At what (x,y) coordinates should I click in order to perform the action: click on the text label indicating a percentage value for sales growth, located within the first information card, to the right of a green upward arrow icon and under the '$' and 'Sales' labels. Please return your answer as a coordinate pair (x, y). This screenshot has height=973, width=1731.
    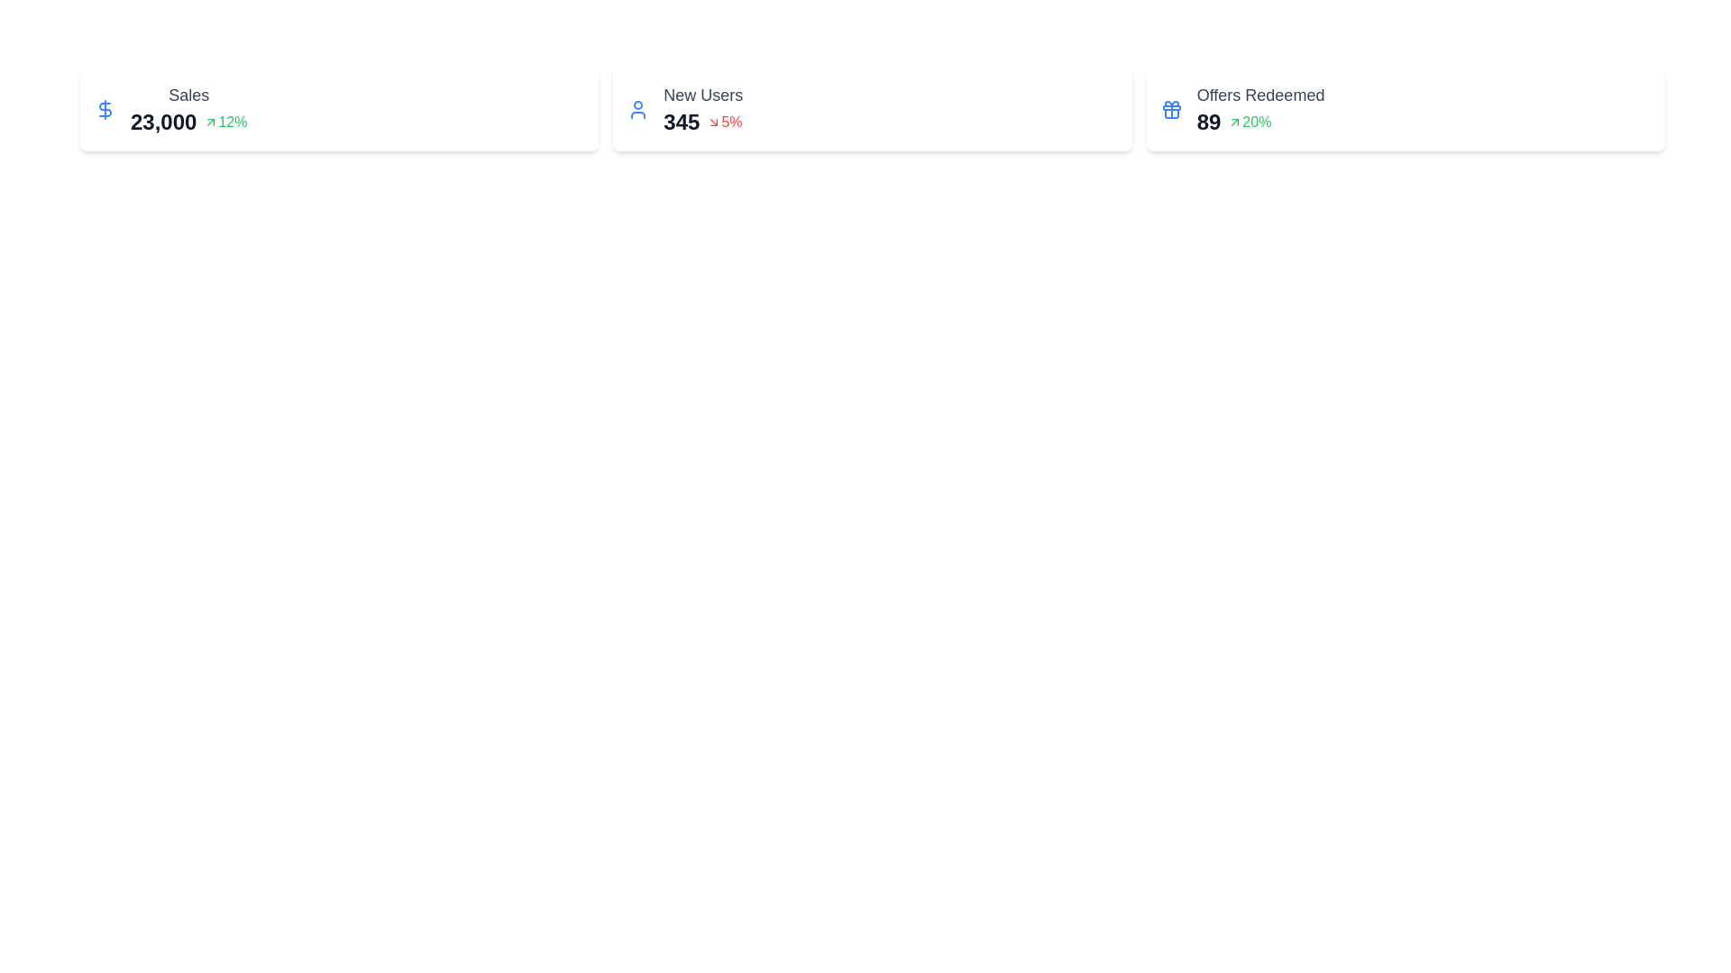
    Looking at the image, I should click on (232, 122).